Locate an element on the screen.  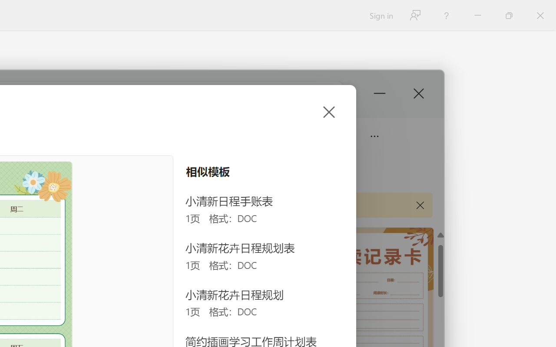
'Sign in' is located at coordinates (381, 15).